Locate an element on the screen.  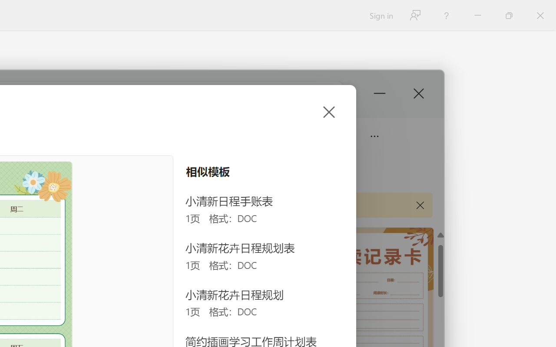
'Sign in' is located at coordinates (381, 15).